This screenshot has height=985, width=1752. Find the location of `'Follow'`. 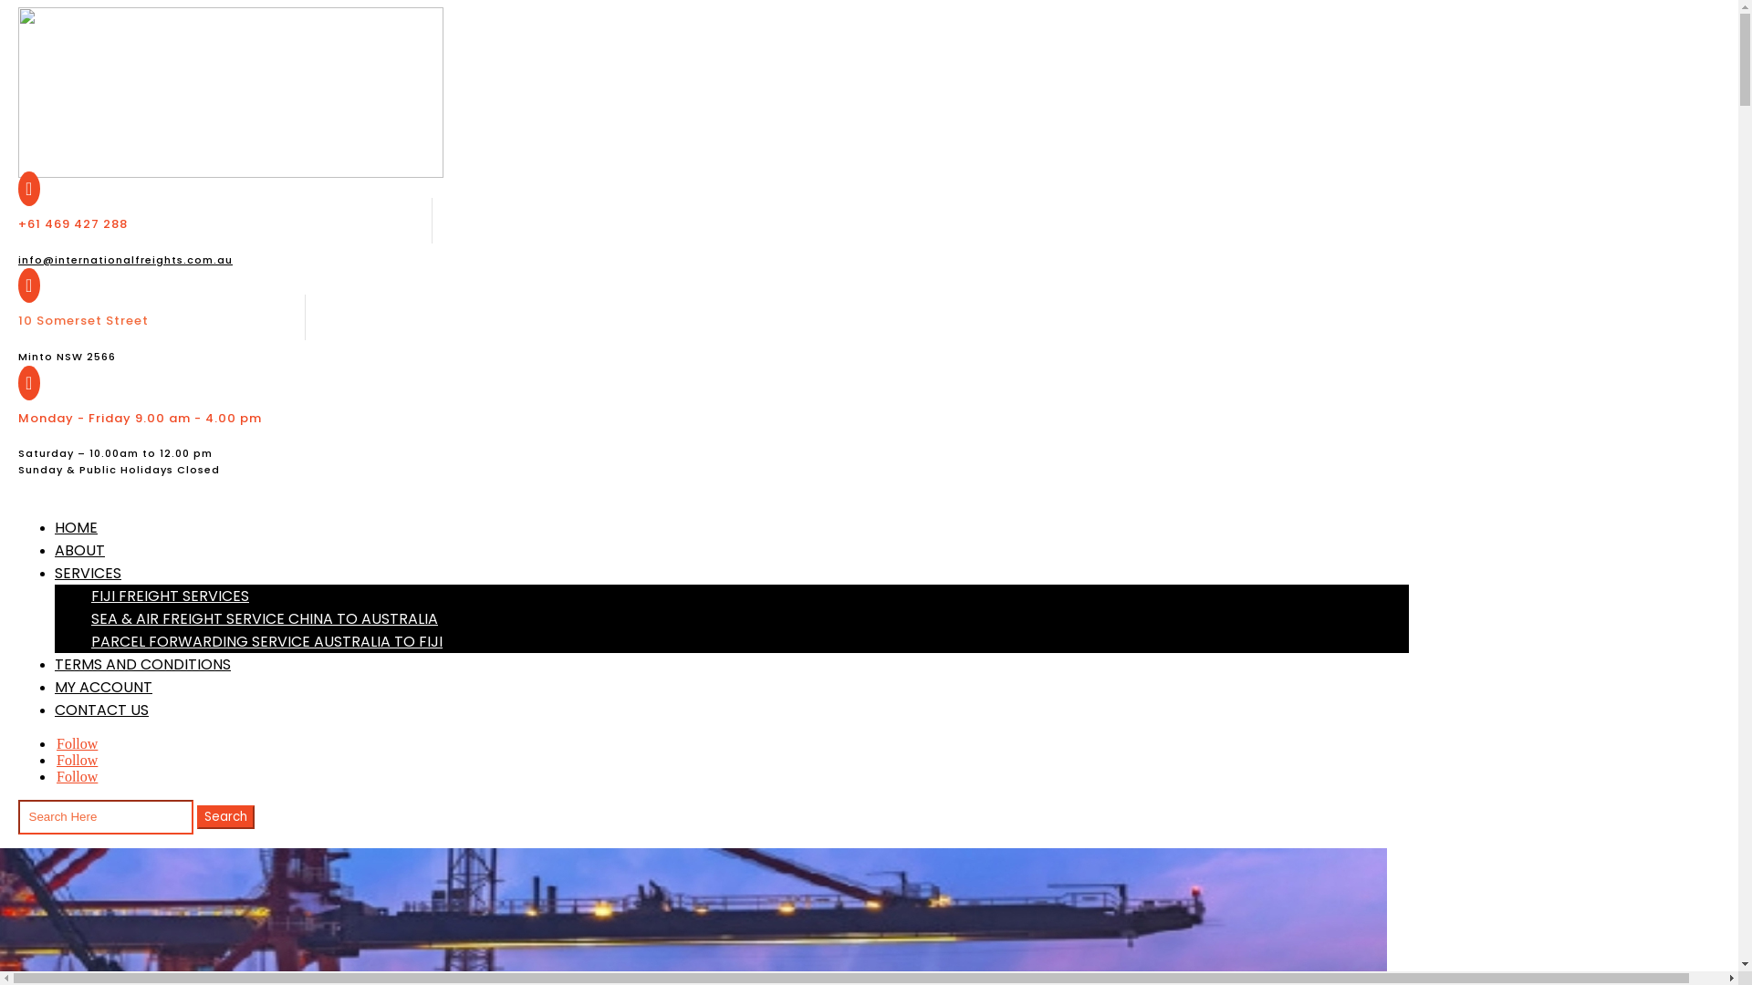

'Follow' is located at coordinates (54, 760).